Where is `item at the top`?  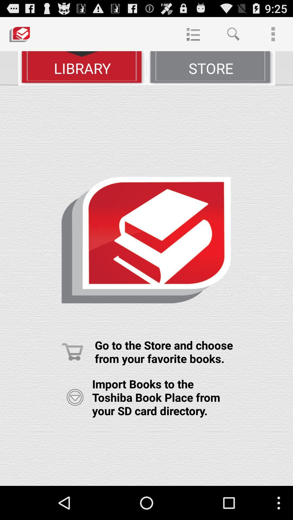 item at the top is located at coordinates (193, 34).